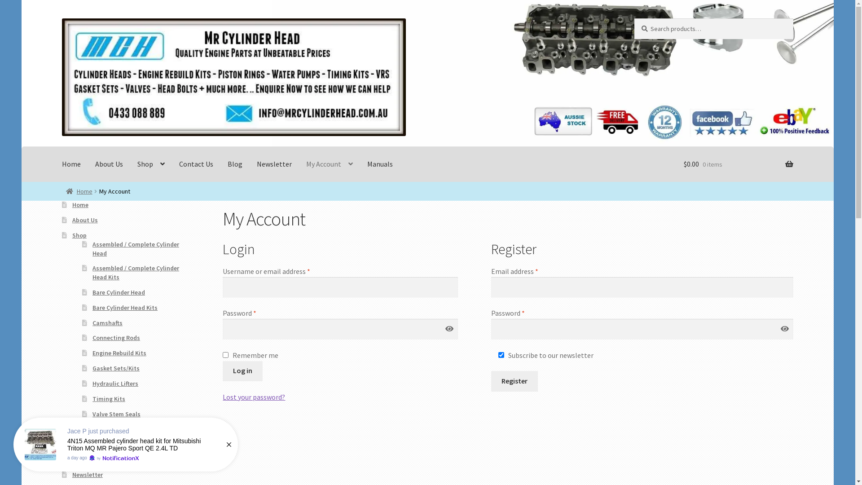 The width and height of the screenshot is (862, 485). Describe the element at coordinates (109, 164) in the screenshot. I see `'About Us'` at that location.